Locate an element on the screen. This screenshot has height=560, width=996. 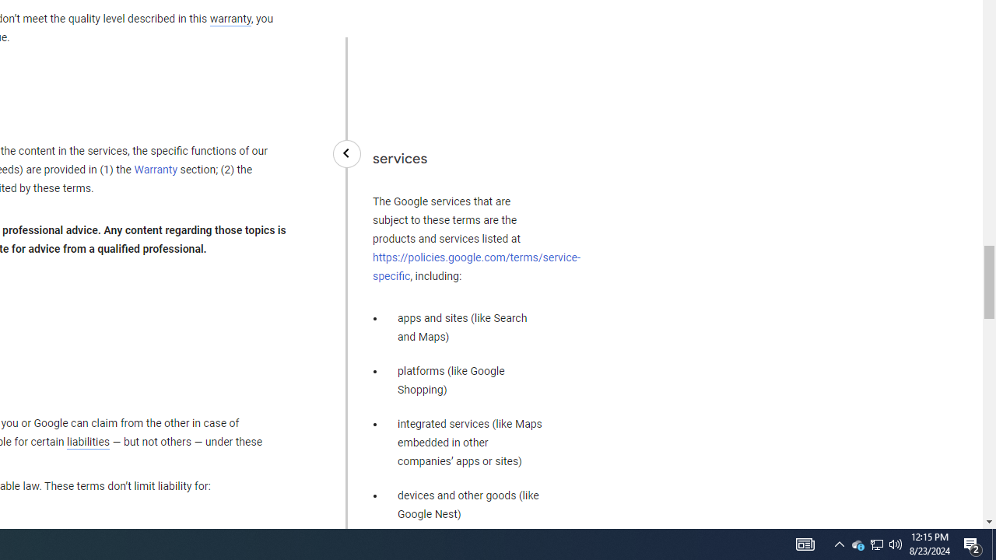
'warranty' is located at coordinates (229, 19).